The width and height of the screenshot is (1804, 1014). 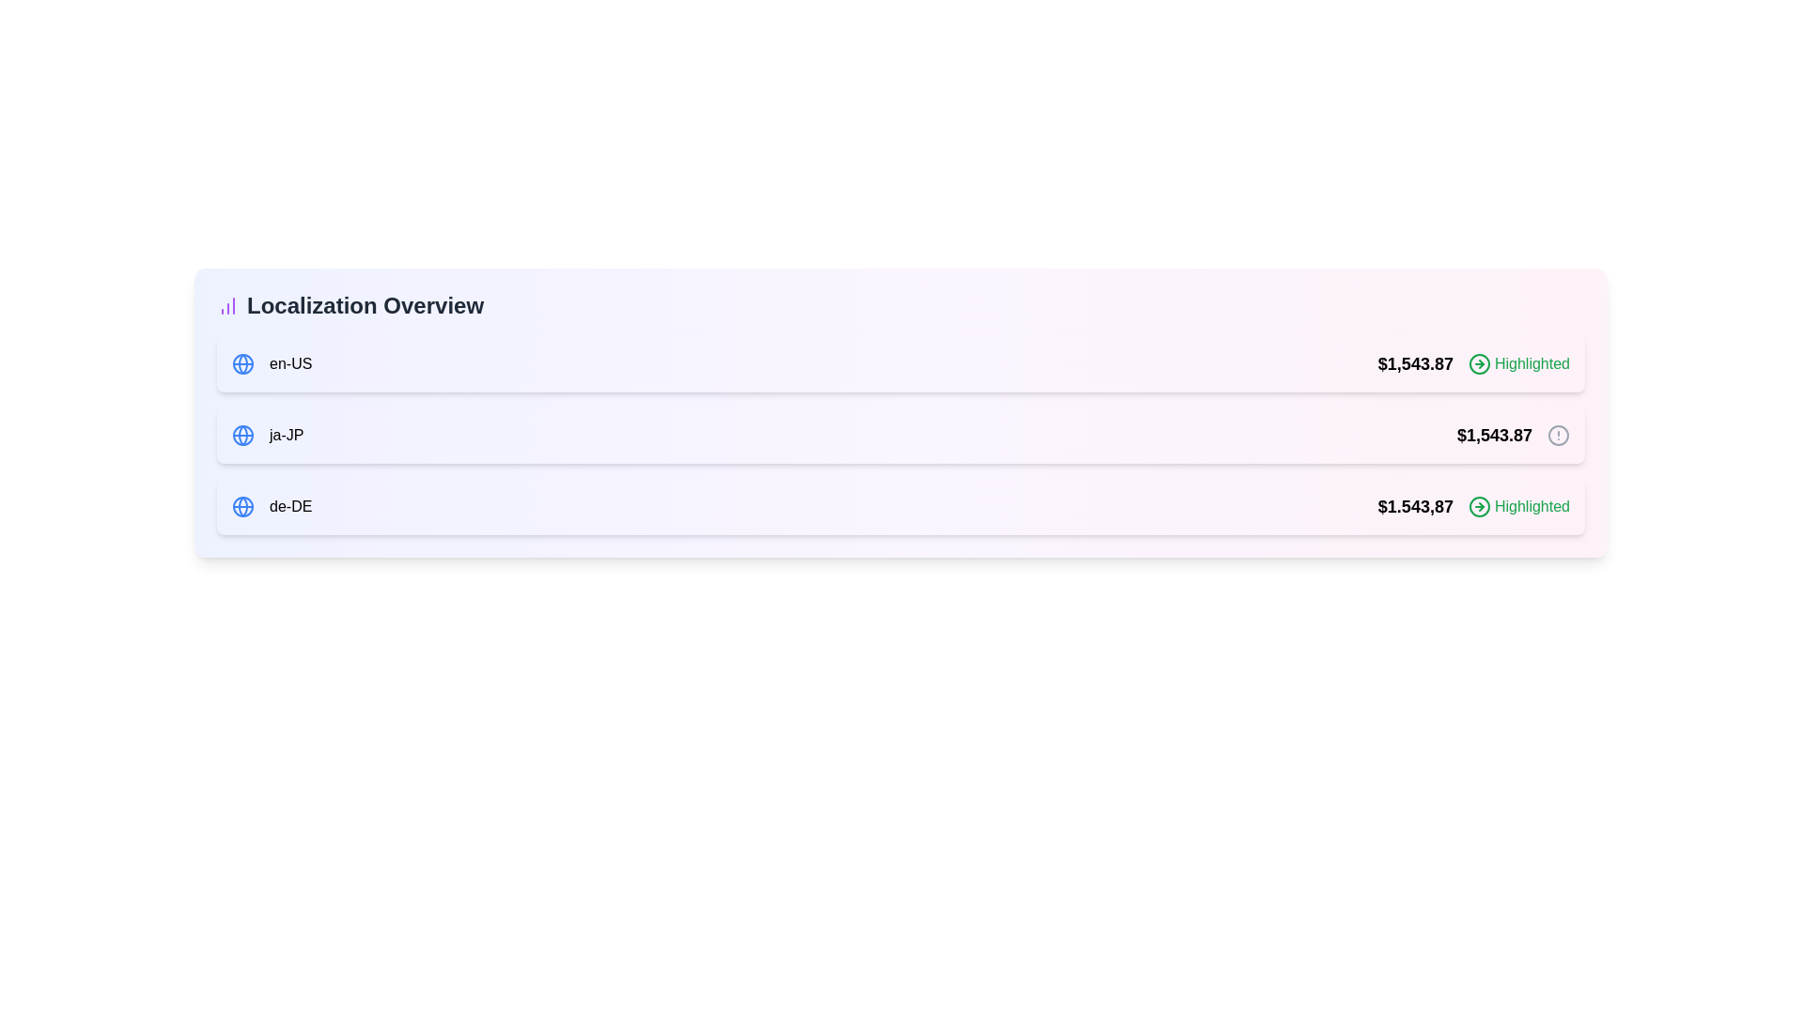 I want to click on the Label element displaying 'de-DE' that is styled in a standard sans-serif font and located next to a globe icon, positioned at the bottom of a vertically stacked list of similar elements, so click(x=289, y=507).